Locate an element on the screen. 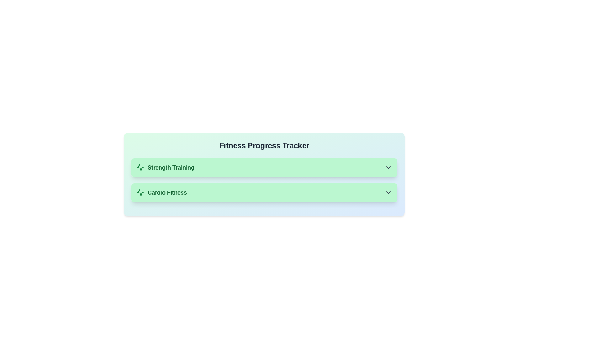 This screenshot has width=602, height=339. on the header text 'Fitness Progress Tracker', which is bold, centered, and located above the subsections 'Strength Training' and 'Cardio Fitness' is located at coordinates (264, 145).